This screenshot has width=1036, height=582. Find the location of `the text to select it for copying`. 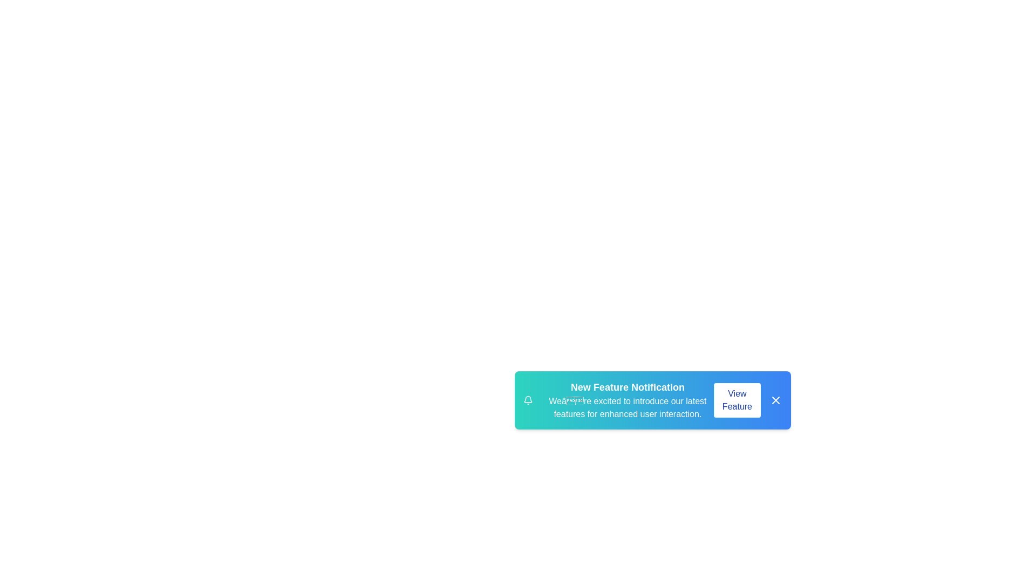

the text to select it for copying is located at coordinates (618, 400).